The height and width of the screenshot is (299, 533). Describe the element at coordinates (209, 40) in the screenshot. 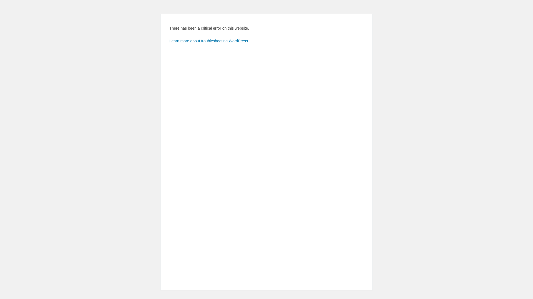

I see `'Learn more about troubleshooting WordPress.'` at that location.